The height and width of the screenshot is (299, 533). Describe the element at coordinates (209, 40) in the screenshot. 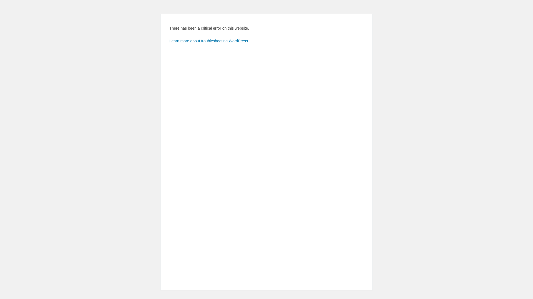

I see `'Learn more about troubleshooting WordPress.'` at that location.